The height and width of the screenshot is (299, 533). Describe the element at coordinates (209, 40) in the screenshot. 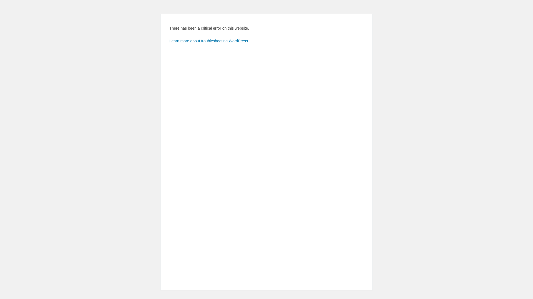

I see `'Learn more about troubleshooting WordPress.'` at that location.